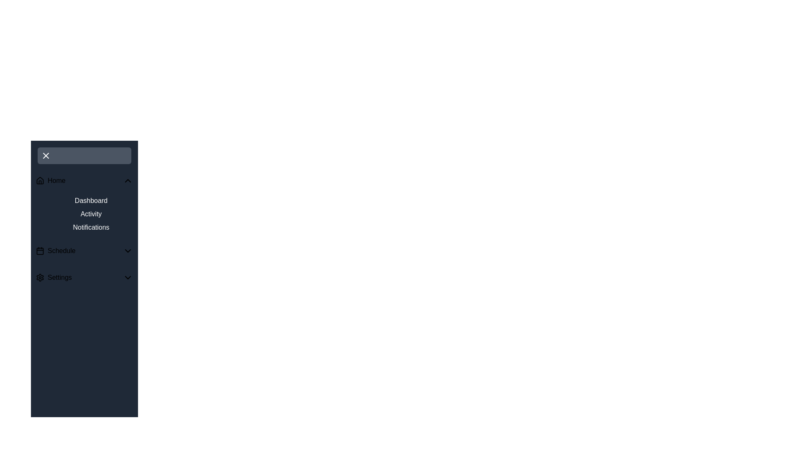 The height and width of the screenshot is (451, 803). Describe the element at coordinates (84, 277) in the screenshot. I see `the 'Settings' menu entry in the navigation panel using keyboard arrows` at that location.